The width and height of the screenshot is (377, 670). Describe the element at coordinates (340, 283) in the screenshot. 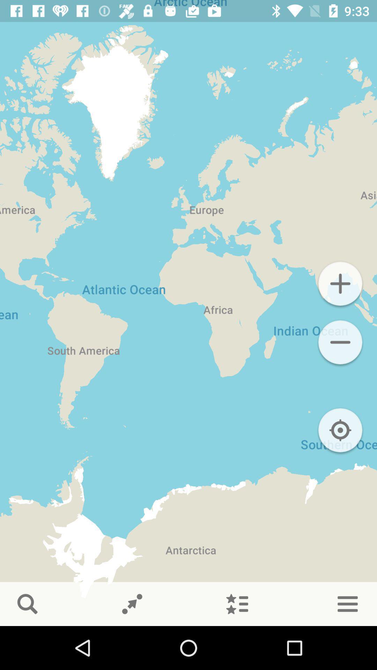

I see `button` at that location.